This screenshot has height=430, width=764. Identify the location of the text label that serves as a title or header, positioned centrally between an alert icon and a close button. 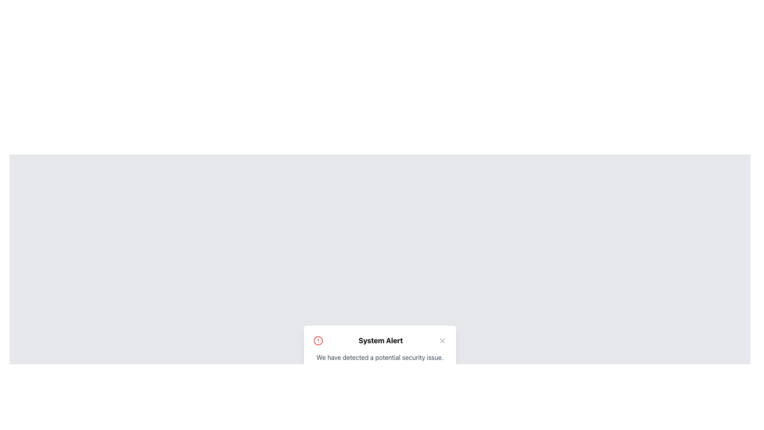
(380, 340).